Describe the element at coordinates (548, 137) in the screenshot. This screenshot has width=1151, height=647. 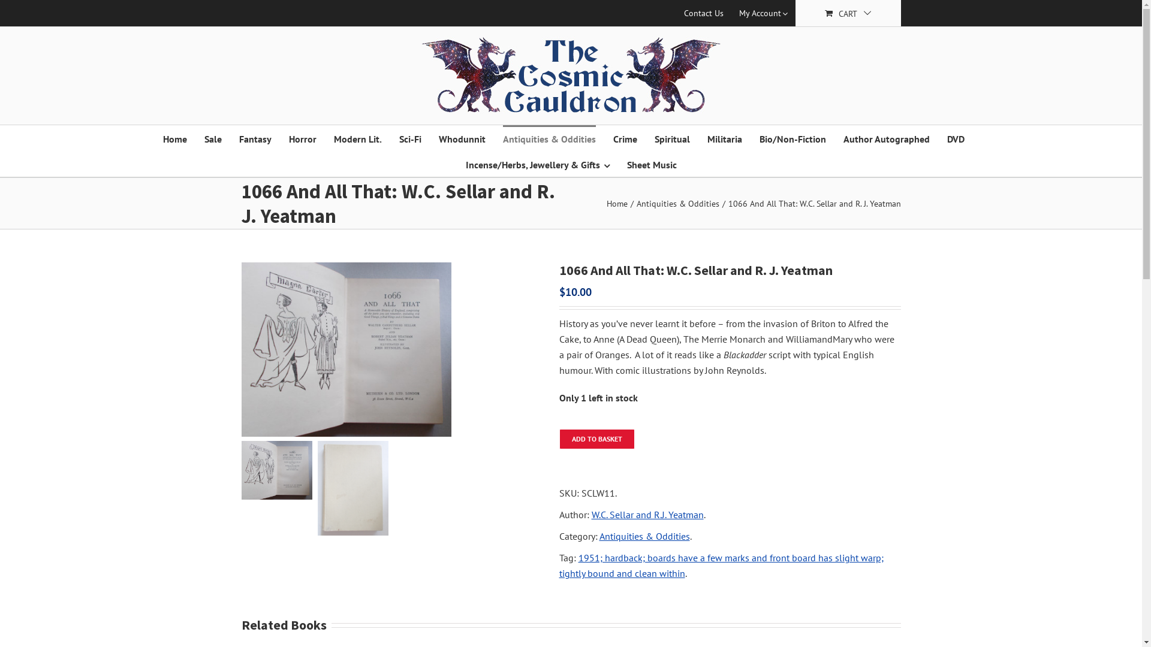
I see `'Antiquities & Oddities'` at that location.